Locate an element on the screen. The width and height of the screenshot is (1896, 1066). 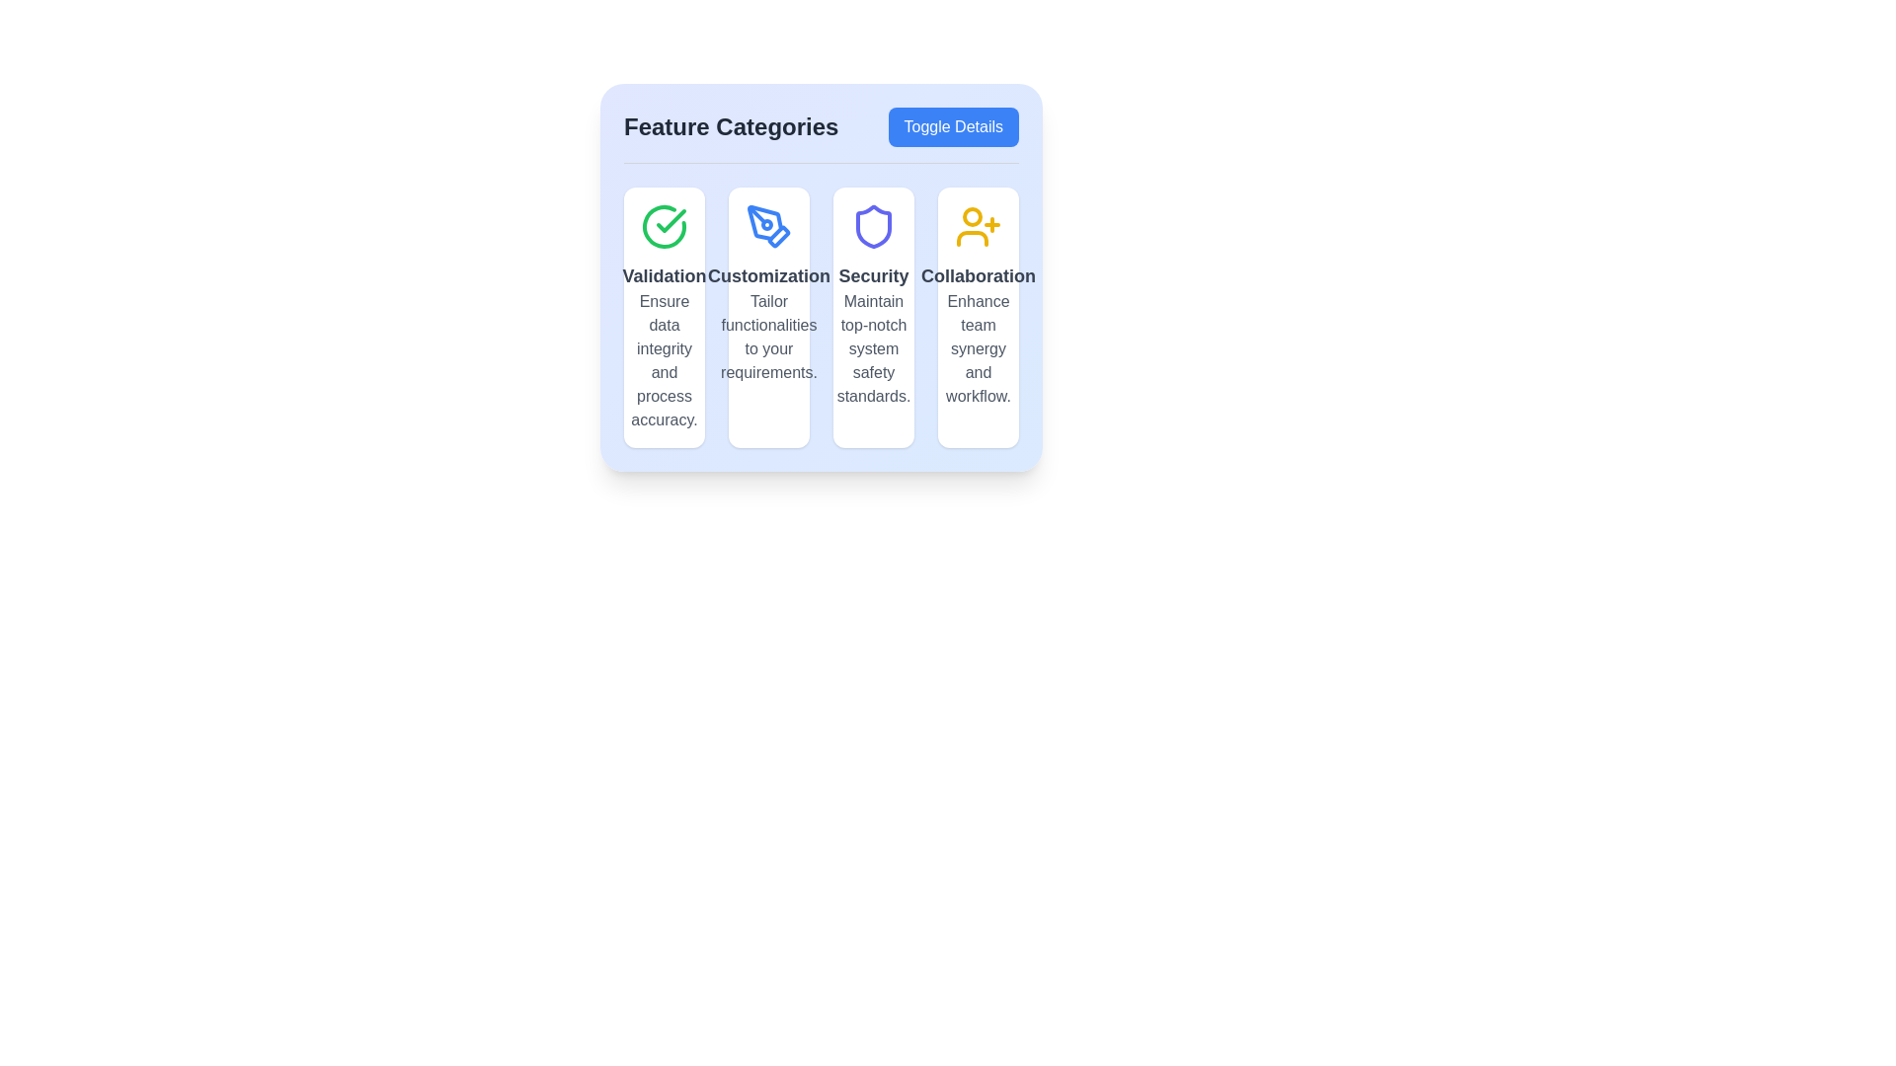
descriptive text label providing information about the 'Security' feature located in the third card from the left in a grid of four cards, positioned centrally beneath the heading 'Security' is located at coordinates (872, 348).